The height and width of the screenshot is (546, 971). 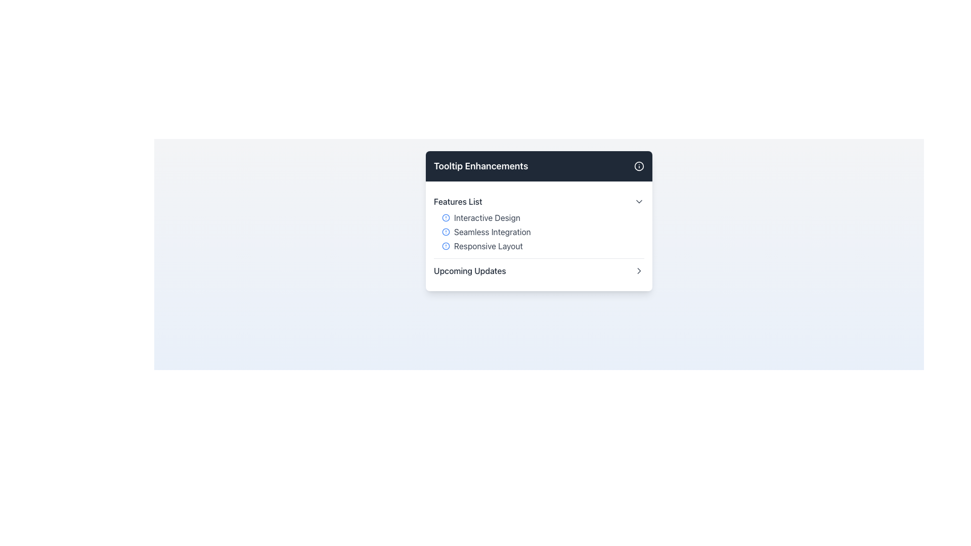 What do you see at coordinates (638, 201) in the screenshot?
I see `the chevron-down icon located to the right of the 'Features List' text in the 'Tooltip Enhancements' section` at bounding box center [638, 201].